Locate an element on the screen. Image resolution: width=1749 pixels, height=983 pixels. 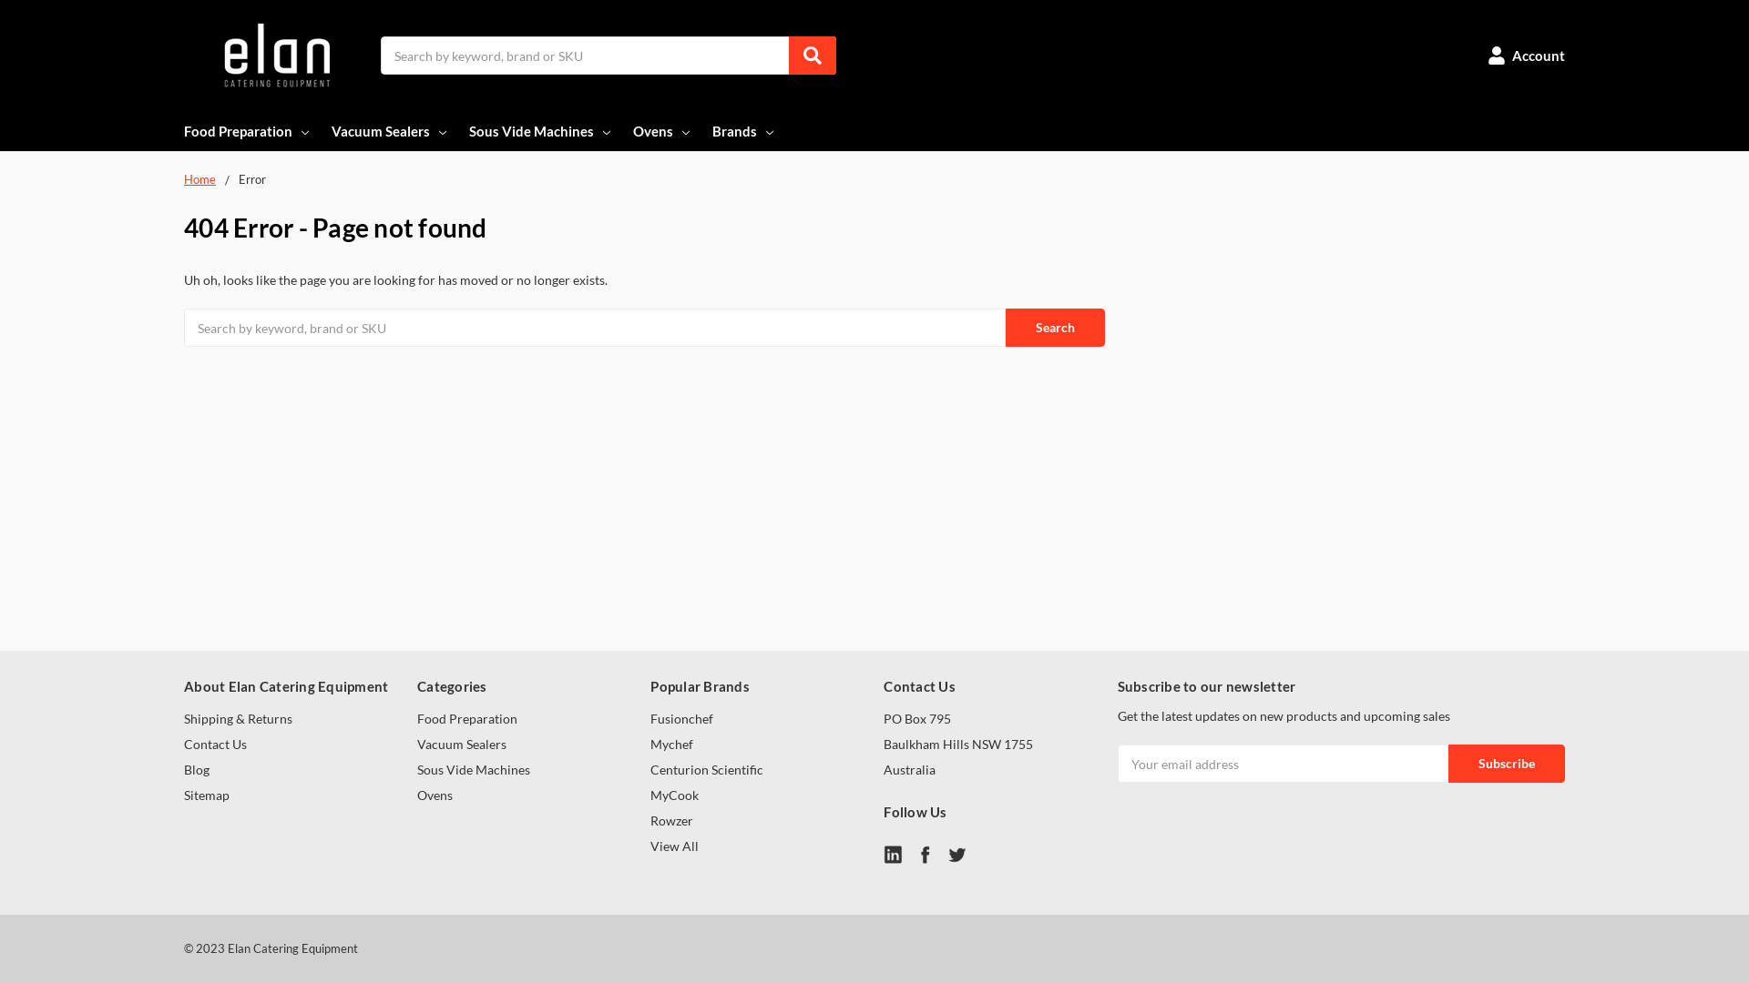
'Mychef' is located at coordinates (670, 744).